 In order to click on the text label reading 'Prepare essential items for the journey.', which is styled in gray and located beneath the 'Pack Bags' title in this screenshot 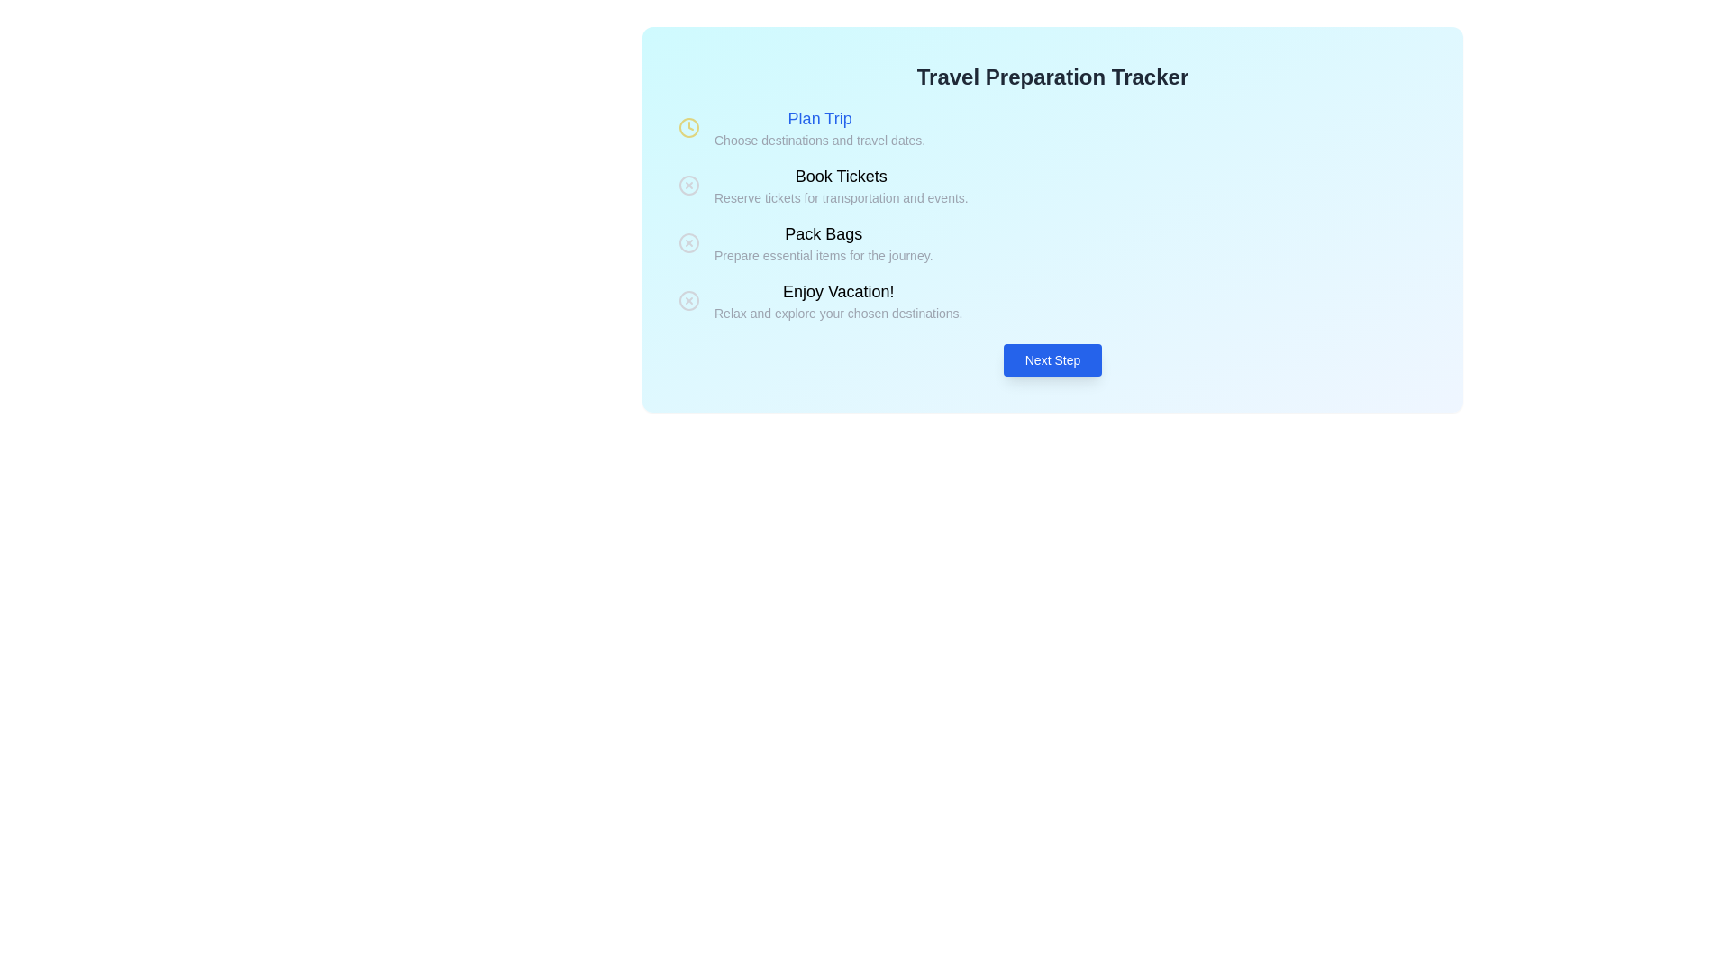, I will do `click(823, 256)`.